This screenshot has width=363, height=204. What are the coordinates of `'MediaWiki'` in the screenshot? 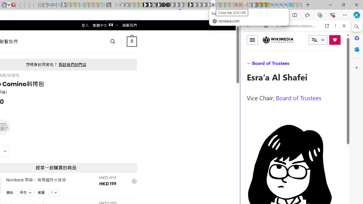 It's located at (13, 5).